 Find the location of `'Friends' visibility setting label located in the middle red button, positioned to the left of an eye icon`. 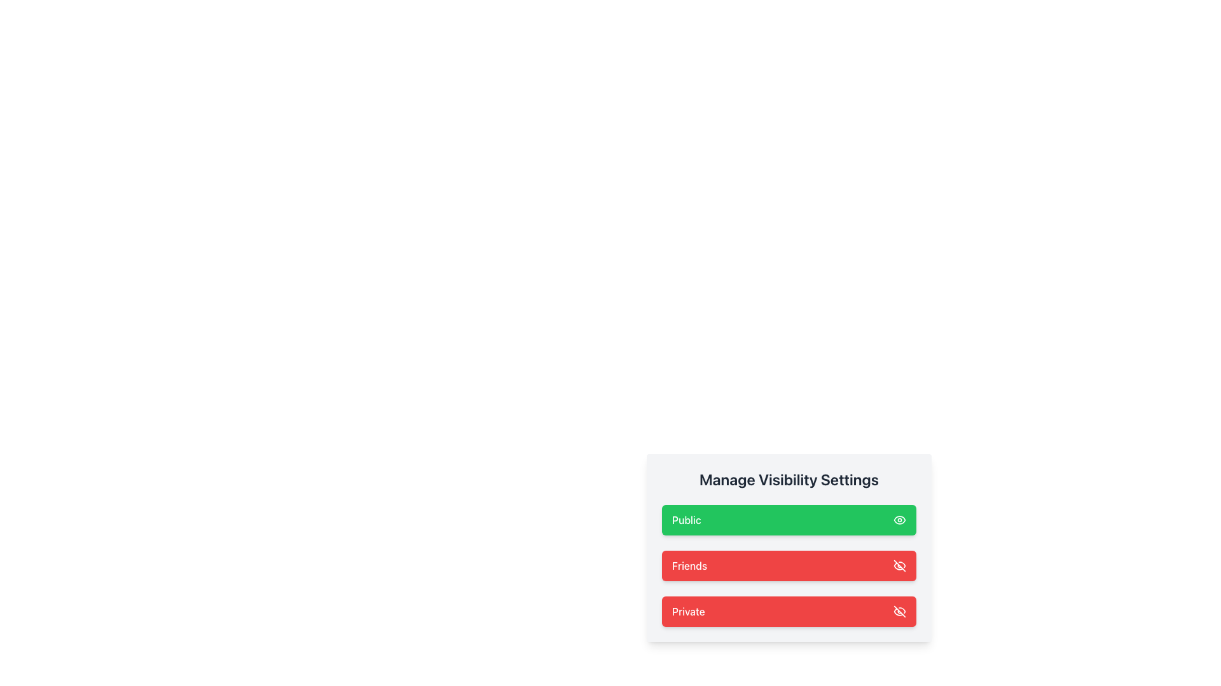

'Friends' visibility setting label located in the middle red button, positioned to the left of an eye icon is located at coordinates (689, 565).